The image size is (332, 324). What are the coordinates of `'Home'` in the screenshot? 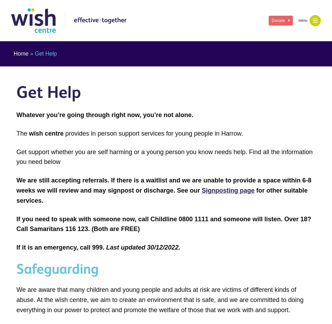 It's located at (21, 53).